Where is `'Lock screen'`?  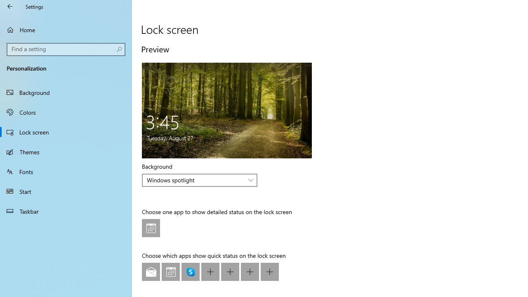
'Lock screen' is located at coordinates (66, 132).